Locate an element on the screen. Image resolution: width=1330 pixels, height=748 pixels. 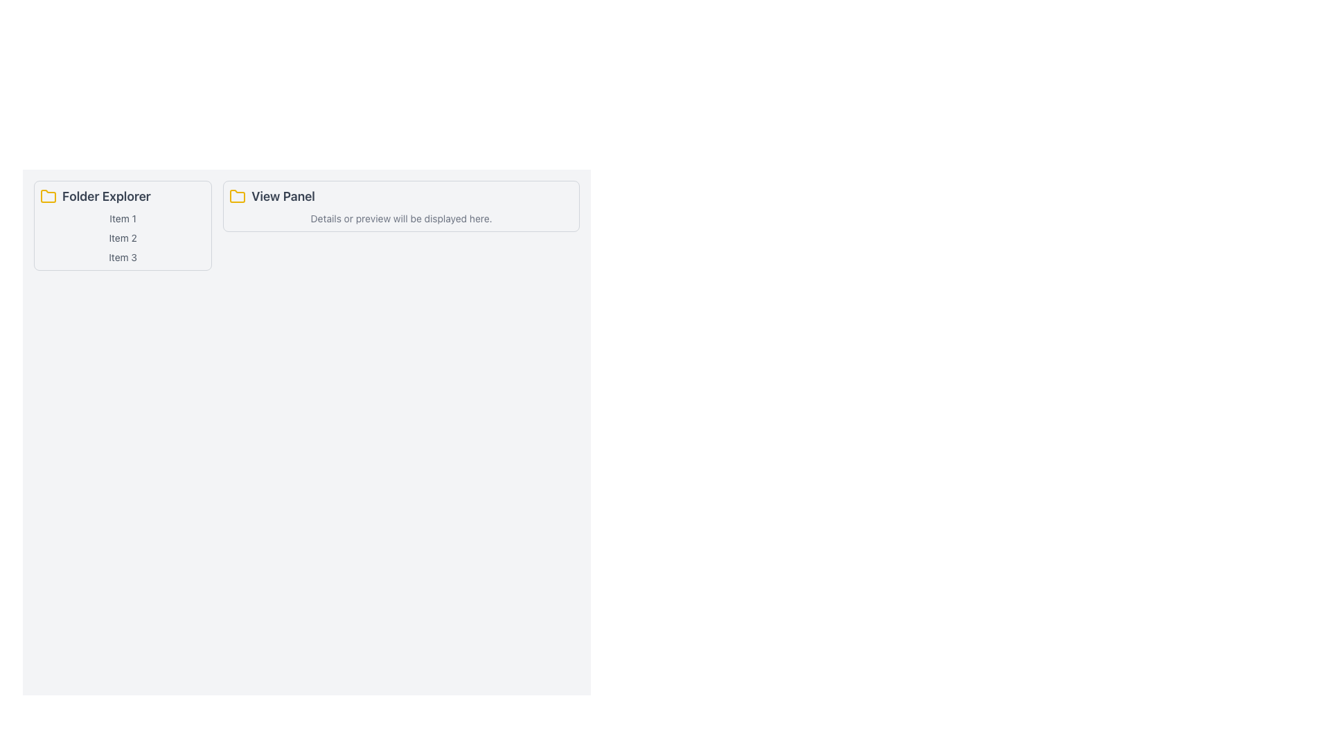
the text label displaying 'Folder Explorer' is located at coordinates (105, 197).